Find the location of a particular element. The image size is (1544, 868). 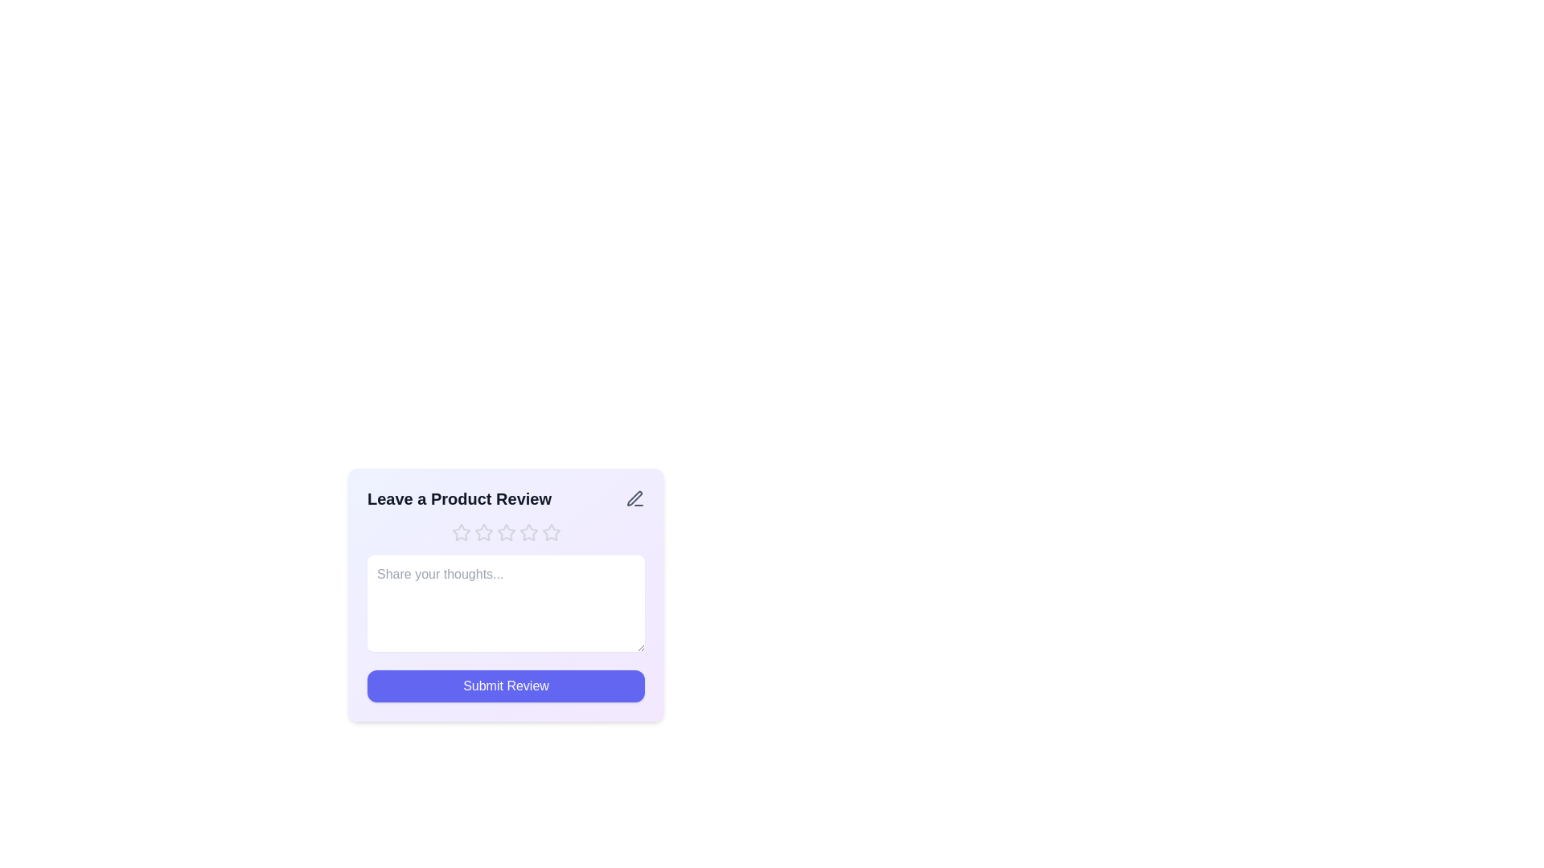

the star corresponding to the rating 2 to set the rating is located at coordinates (482, 533).